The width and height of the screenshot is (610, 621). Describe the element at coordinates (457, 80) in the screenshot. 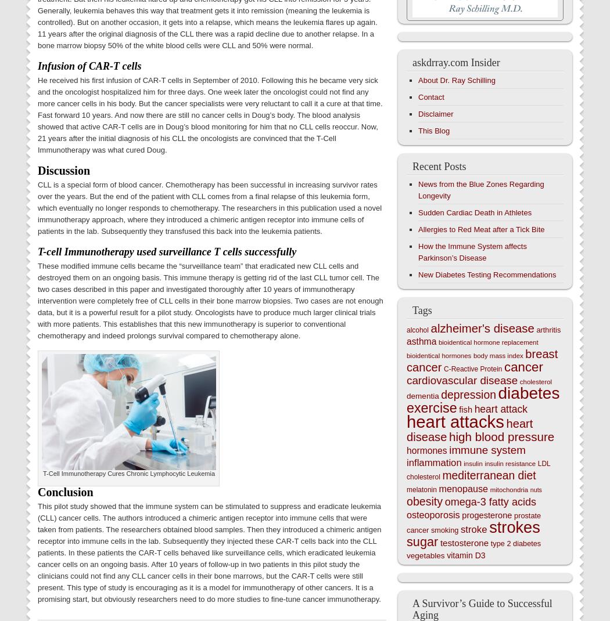

I see `'About Dr. Ray Schilling'` at that location.